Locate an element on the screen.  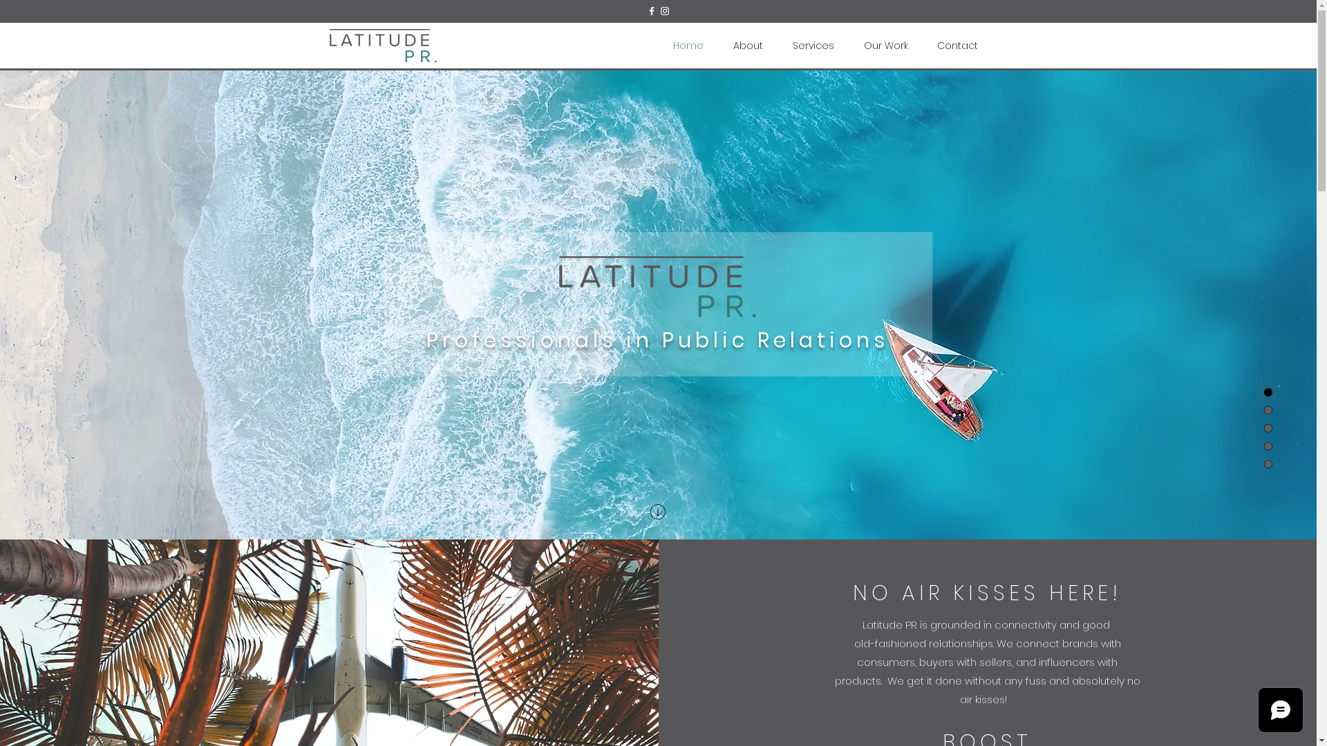
'Home' is located at coordinates (688, 45).